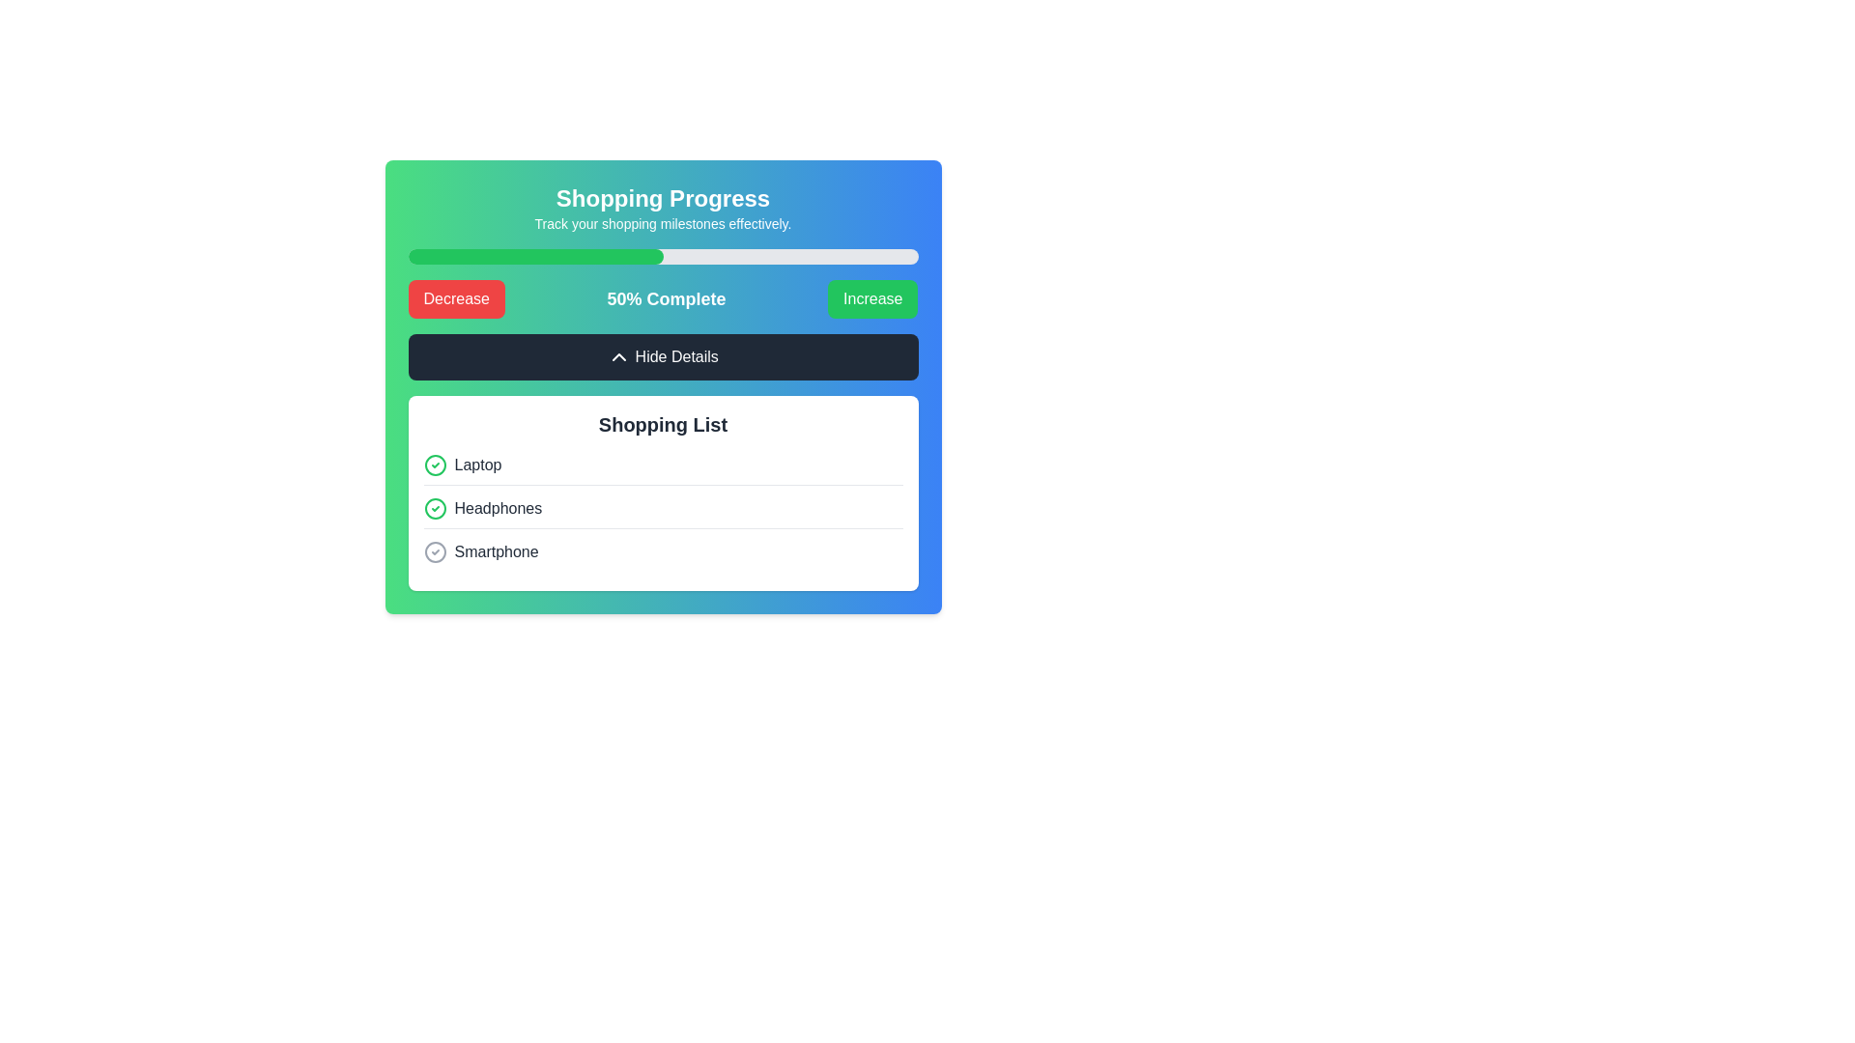 This screenshot has height=1043, width=1855. What do you see at coordinates (498, 508) in the screenshot?
I see `the text label displaying 'Headphones', which is styled in a dark color and positioned next to a checked green circular icon, located under the 'Shopping List' header as the second item in the list` at bounding box center [498, 508].